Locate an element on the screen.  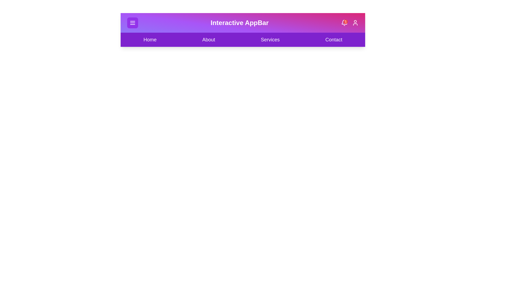
the text 'Interactive AppBar' is located at coordinates (240, 23).